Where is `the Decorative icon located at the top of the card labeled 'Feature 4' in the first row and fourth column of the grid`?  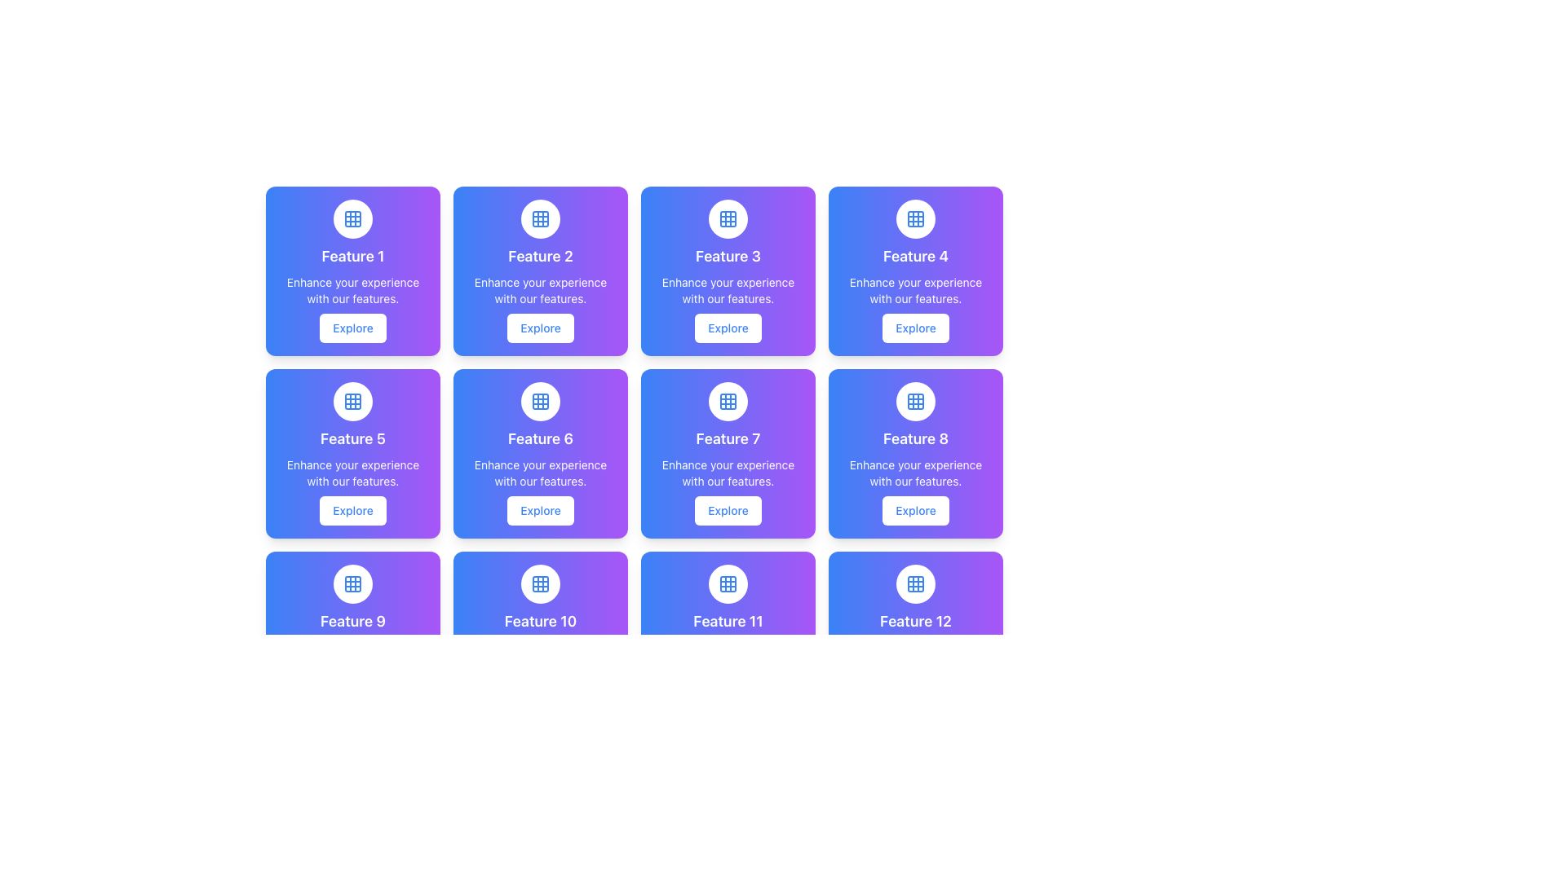
the Decorative icon located at the top of the card labeled 'Feature 4' in the first row and fourth column of the grid is located at coordinates (916, 218).